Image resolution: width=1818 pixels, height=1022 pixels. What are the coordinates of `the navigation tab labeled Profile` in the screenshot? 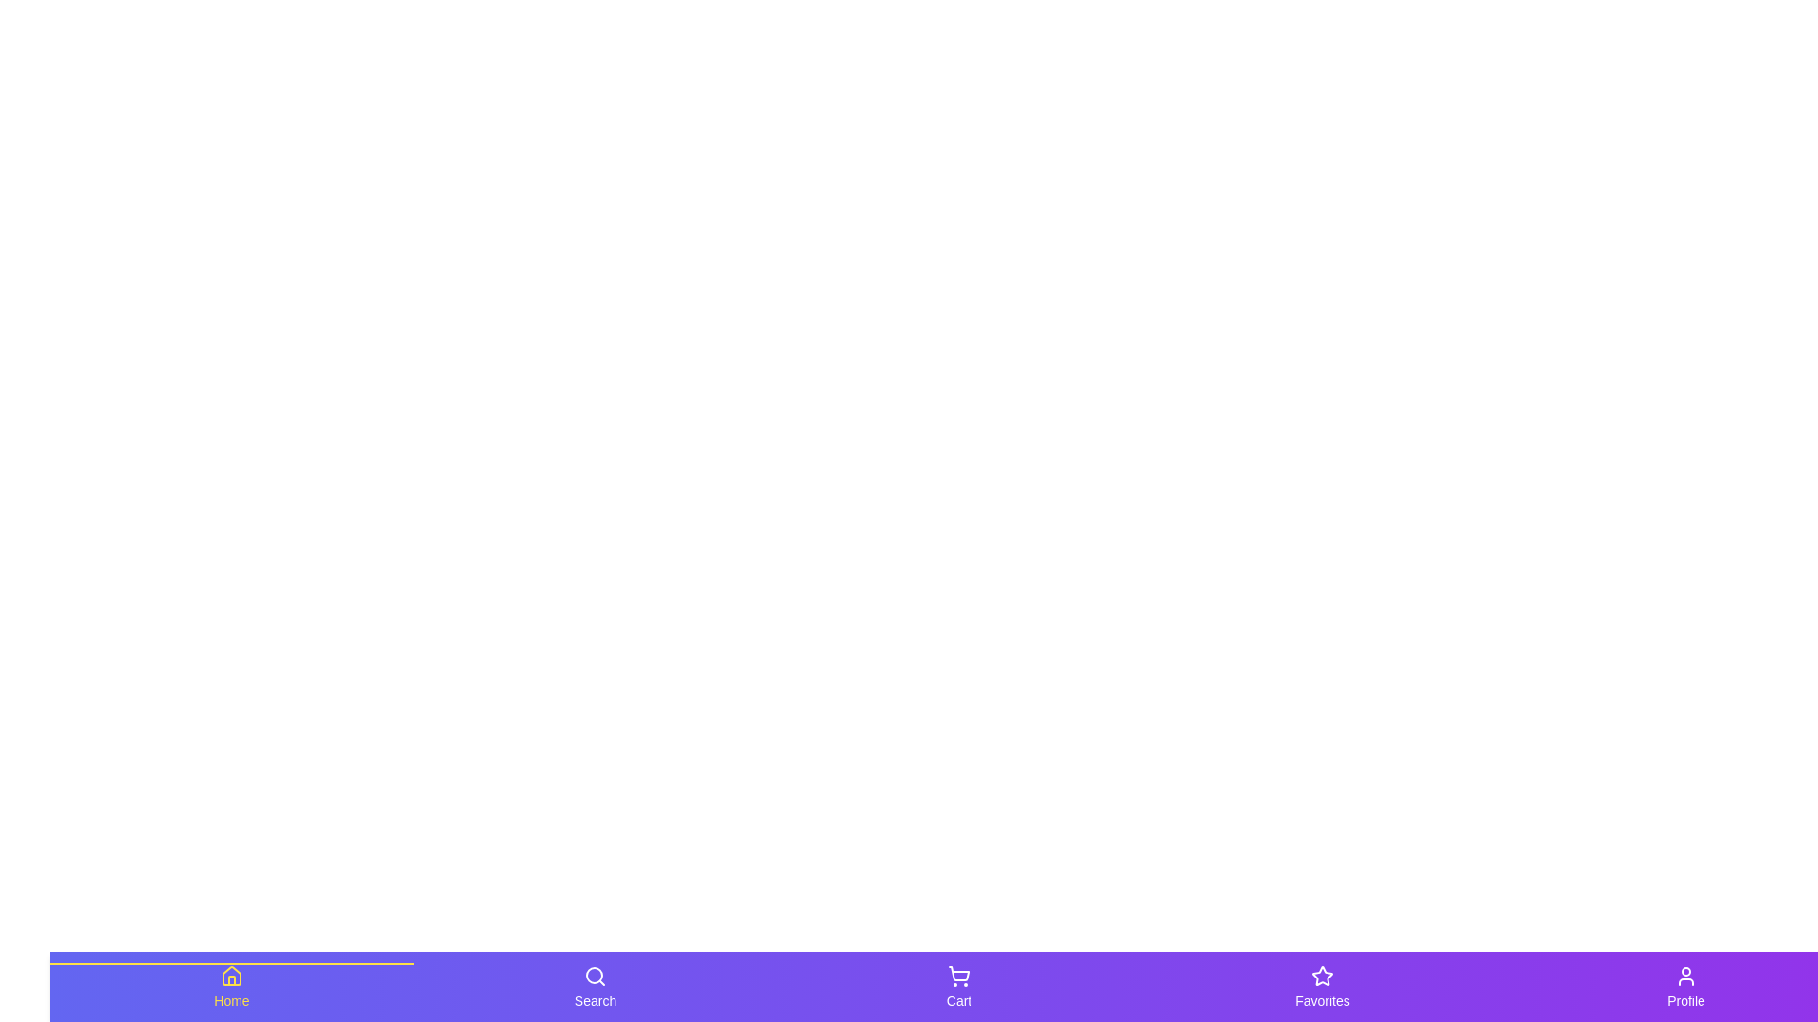 It's located at (1685, 985).